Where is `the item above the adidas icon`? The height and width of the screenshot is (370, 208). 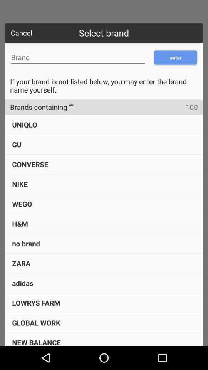 the item above the adidas icon is located at coordinates (21, 263).